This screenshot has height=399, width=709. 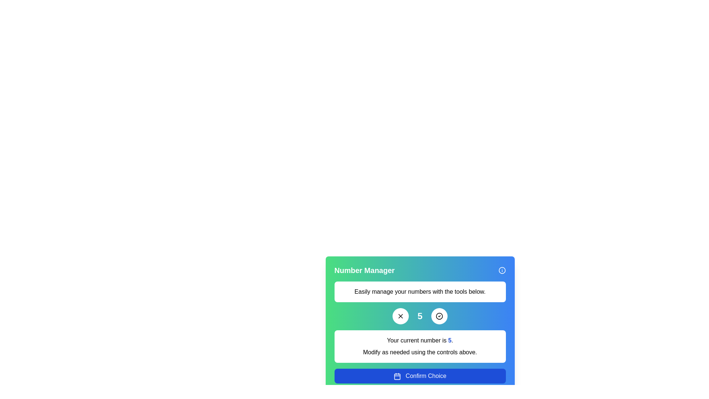 I want to click on the circular button with a white background and a black 'X' icon, located to the left of the number '5', so click(x=400, y=316).